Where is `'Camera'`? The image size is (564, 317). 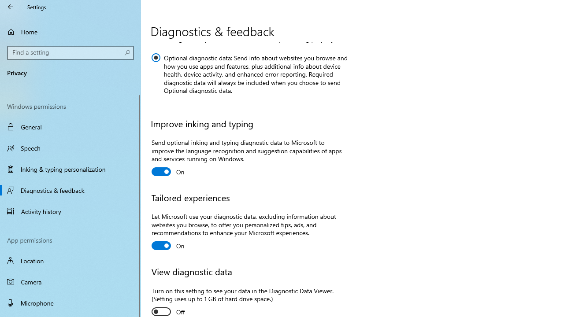
'Camera' is located at coordinates (70, 282).